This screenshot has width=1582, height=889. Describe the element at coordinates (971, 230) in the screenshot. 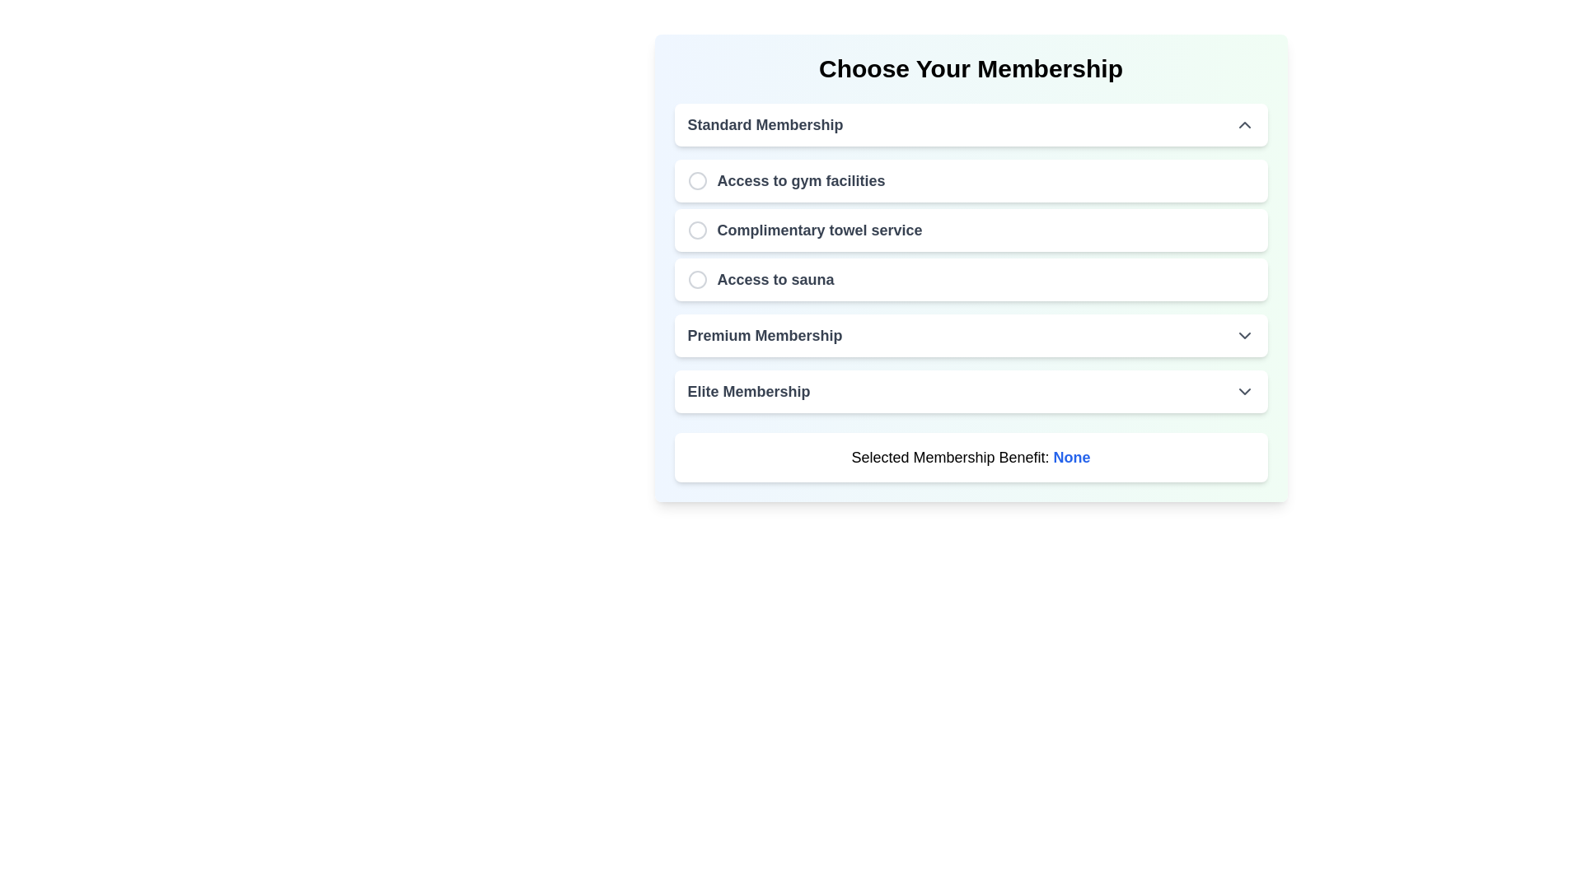

I see `the radio button labeled 'Complimentary towel service'` at that location.